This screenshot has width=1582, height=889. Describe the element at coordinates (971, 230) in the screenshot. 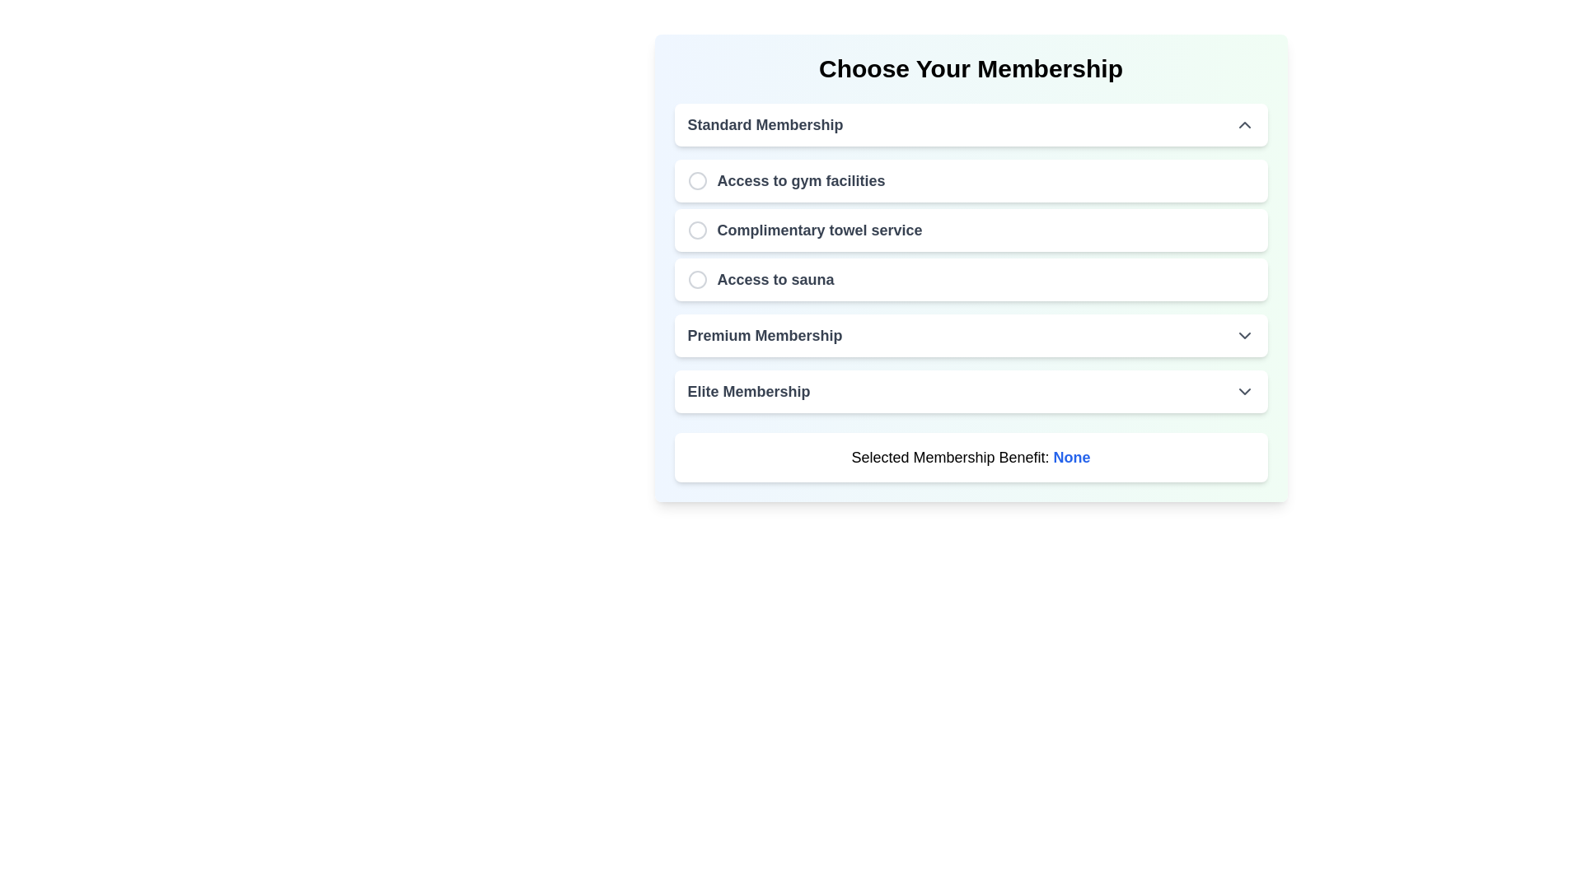

I see `the radio button labeled 'Complimentary towel service'` at that location.